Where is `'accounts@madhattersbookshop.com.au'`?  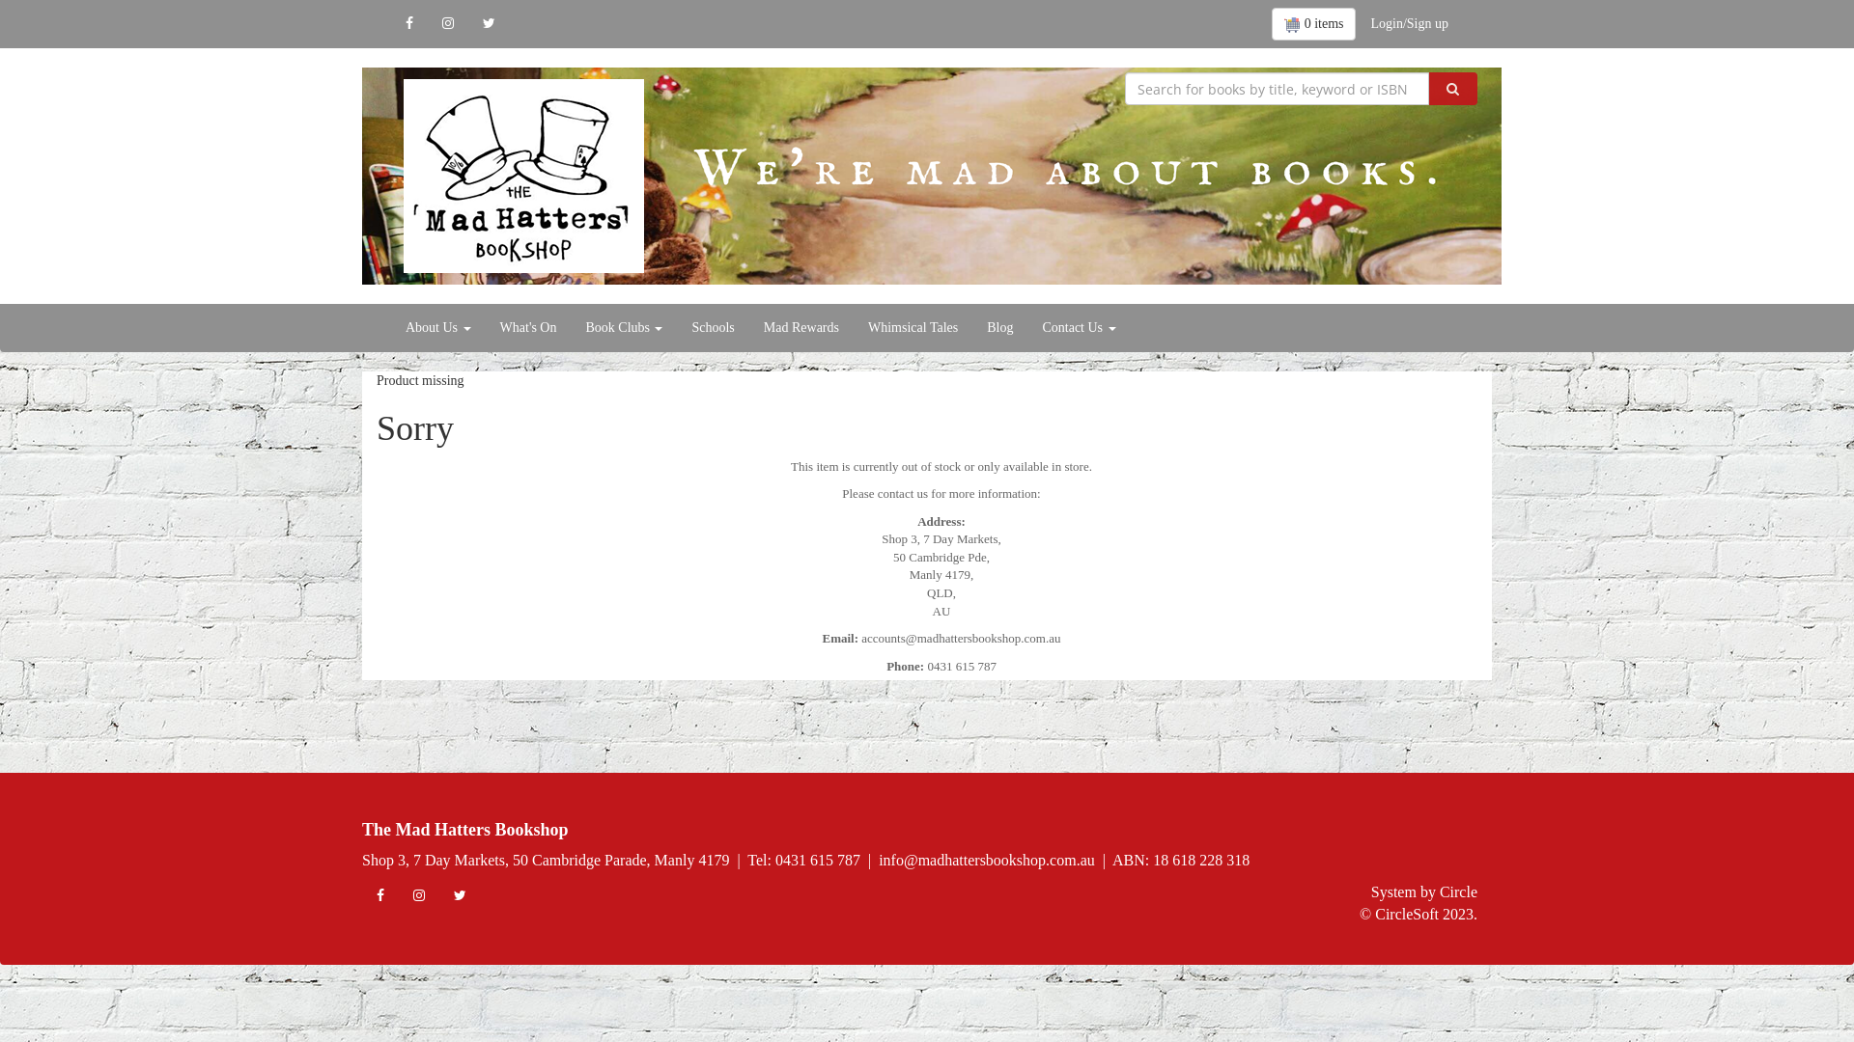
'accounts@madhattersbookshop.com.au' is located at coordinates (960, 638).